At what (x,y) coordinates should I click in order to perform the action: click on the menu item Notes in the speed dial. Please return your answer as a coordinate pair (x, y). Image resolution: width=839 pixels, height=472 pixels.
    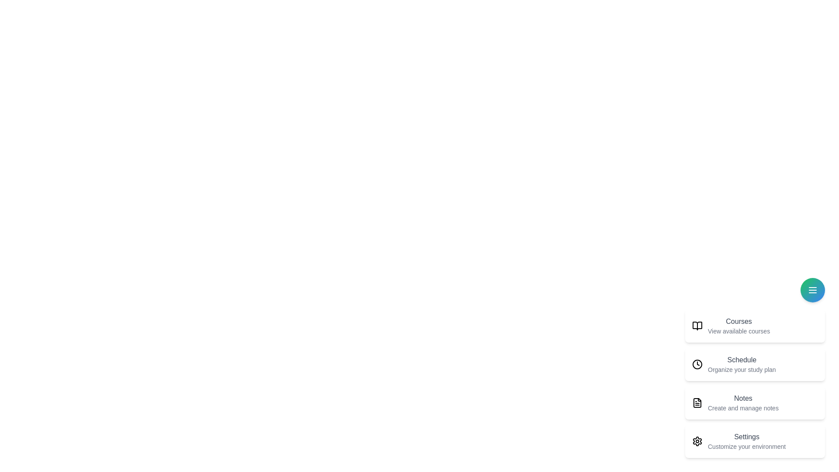
    Looking at the image, I should click on (755, 403).